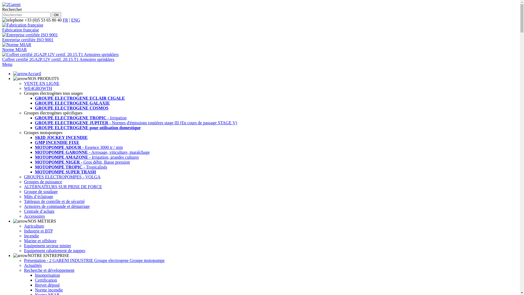 The image size is (524, 295). What do you see at coordinates (41, 255) in the screenshot?
I see `'NOTRE ENTREPRISE'` at bounding box center [41, 255].